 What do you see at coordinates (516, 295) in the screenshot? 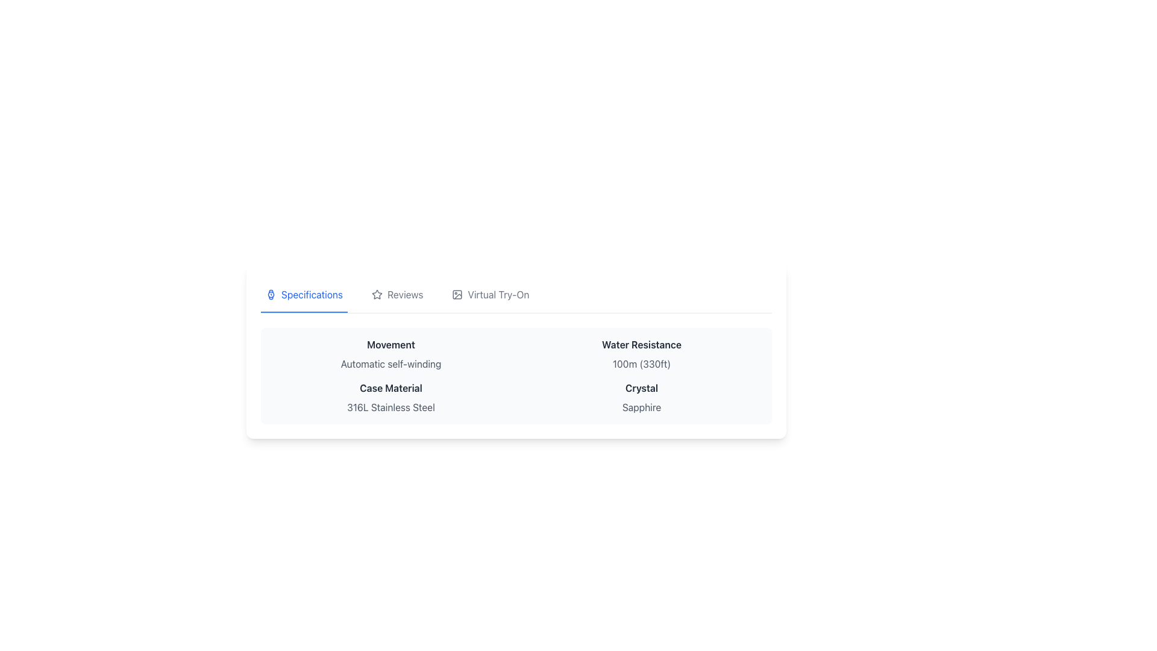
I see `the Tab control at the center point` at bounding box center [516, 295].